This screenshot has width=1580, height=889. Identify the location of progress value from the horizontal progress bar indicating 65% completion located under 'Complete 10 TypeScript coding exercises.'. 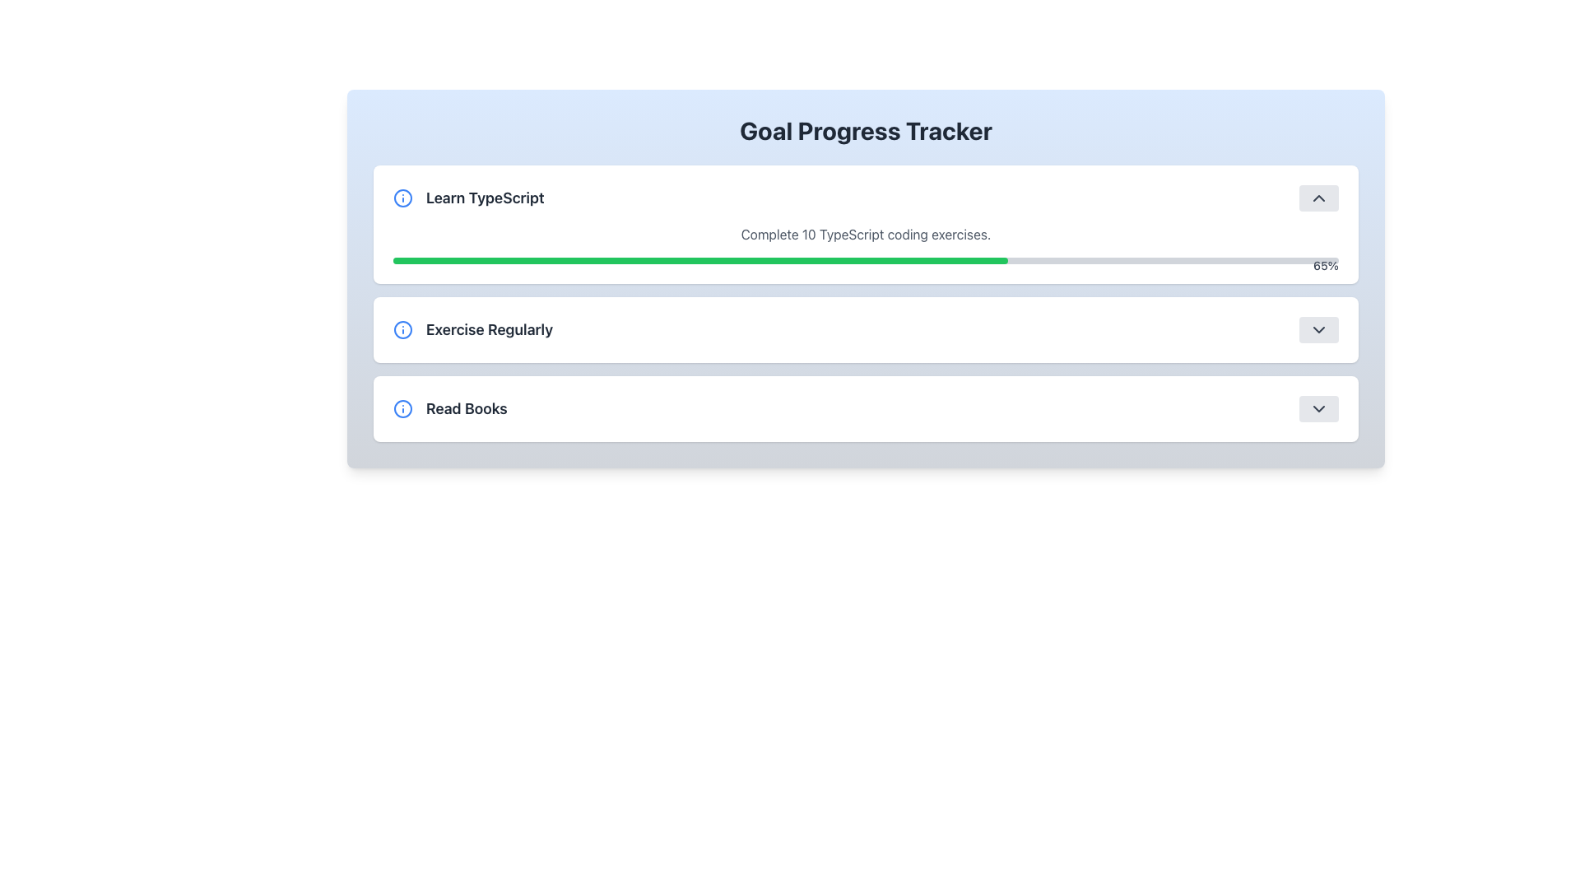
(865, 259).